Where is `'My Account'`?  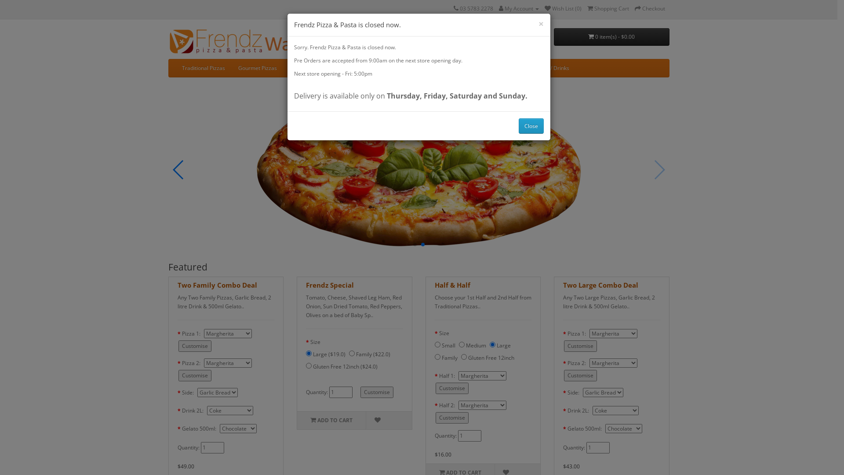
'My Account' is located at coordinates (518, 8).